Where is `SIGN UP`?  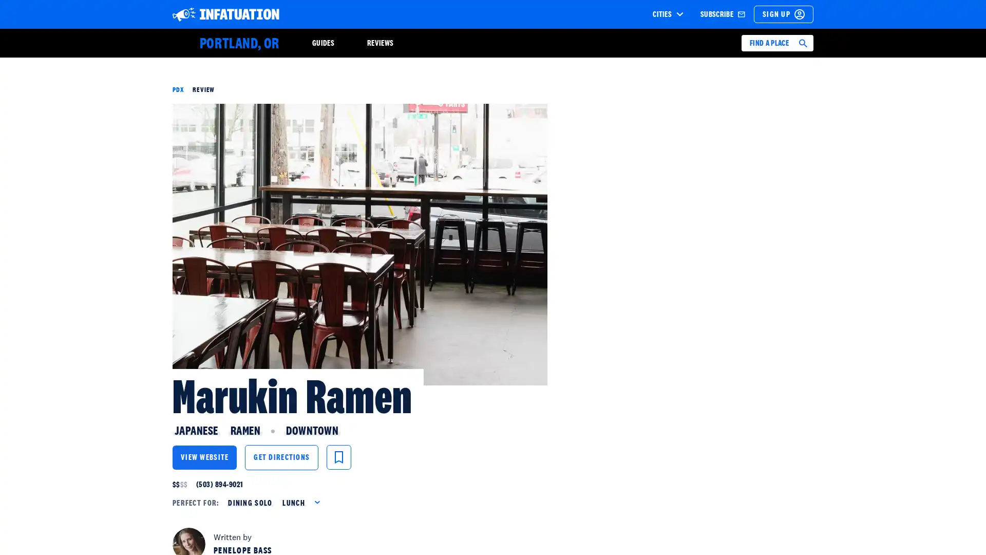
SIGN UP is located at coordinates (783, 14).